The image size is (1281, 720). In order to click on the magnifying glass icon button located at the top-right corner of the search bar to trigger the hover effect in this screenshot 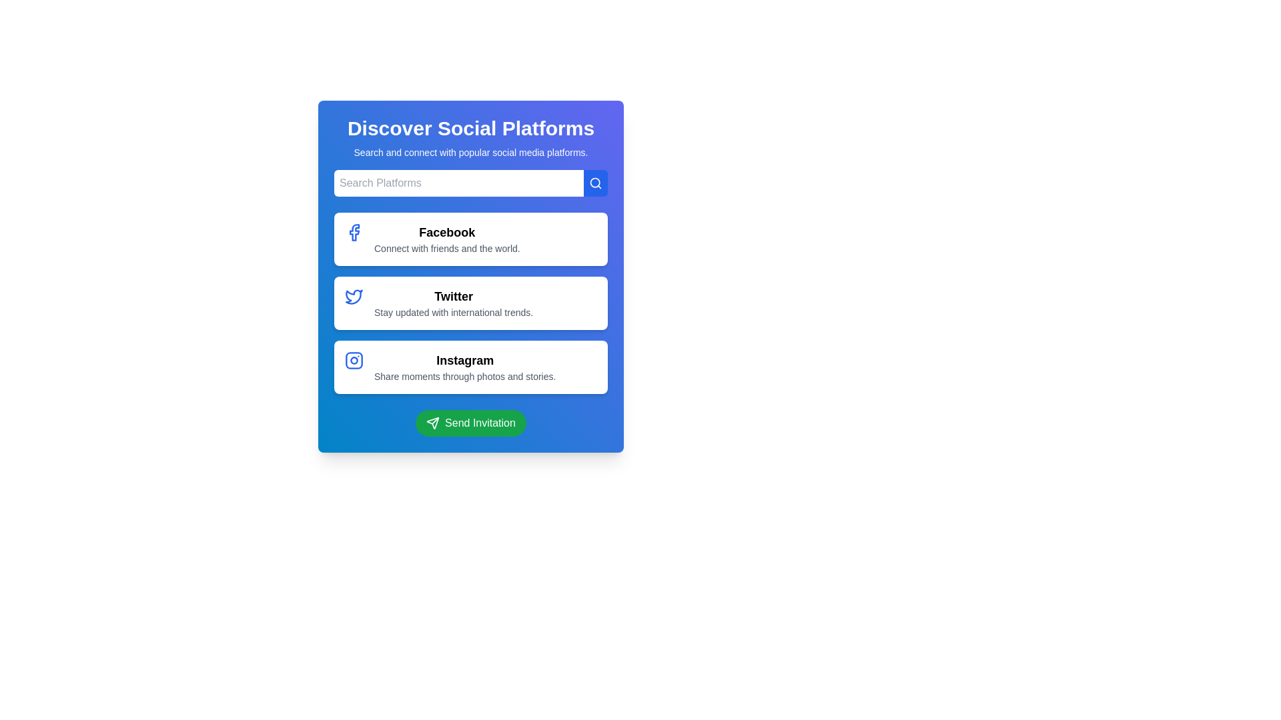, I will do `click(594, 183)`.